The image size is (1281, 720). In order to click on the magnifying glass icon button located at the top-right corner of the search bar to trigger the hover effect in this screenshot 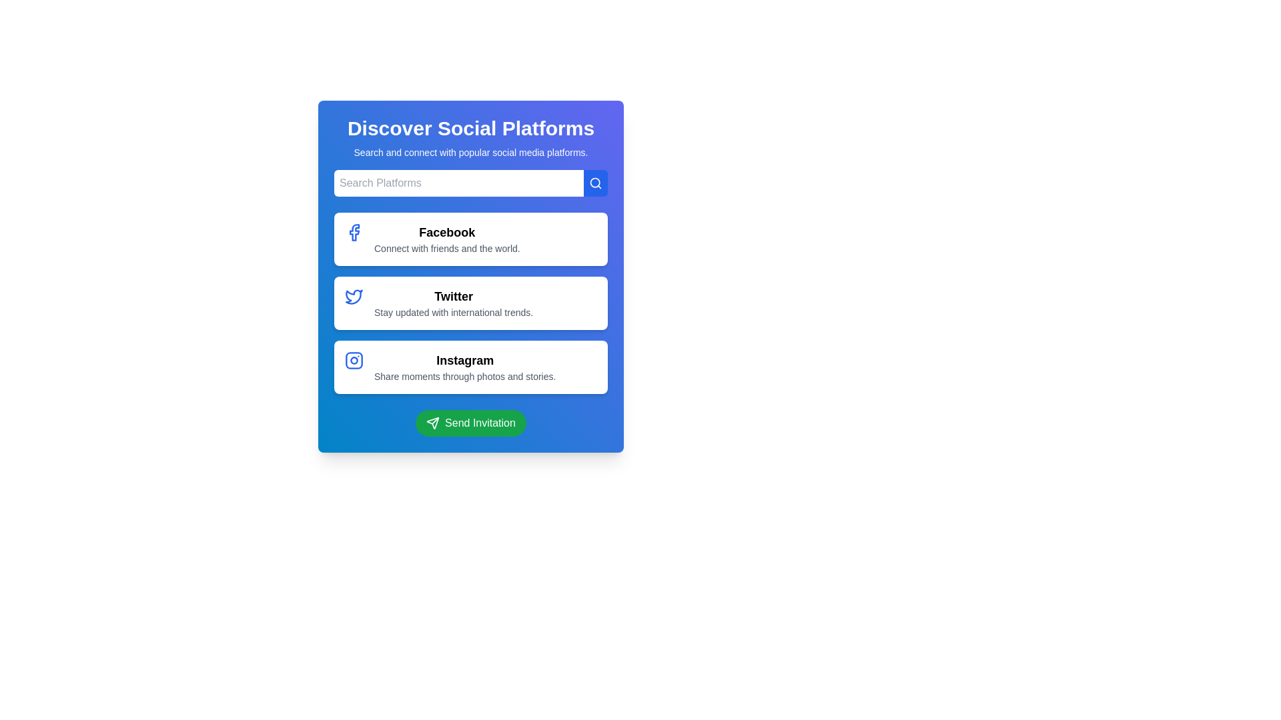, I will do `click(594, 183)`.